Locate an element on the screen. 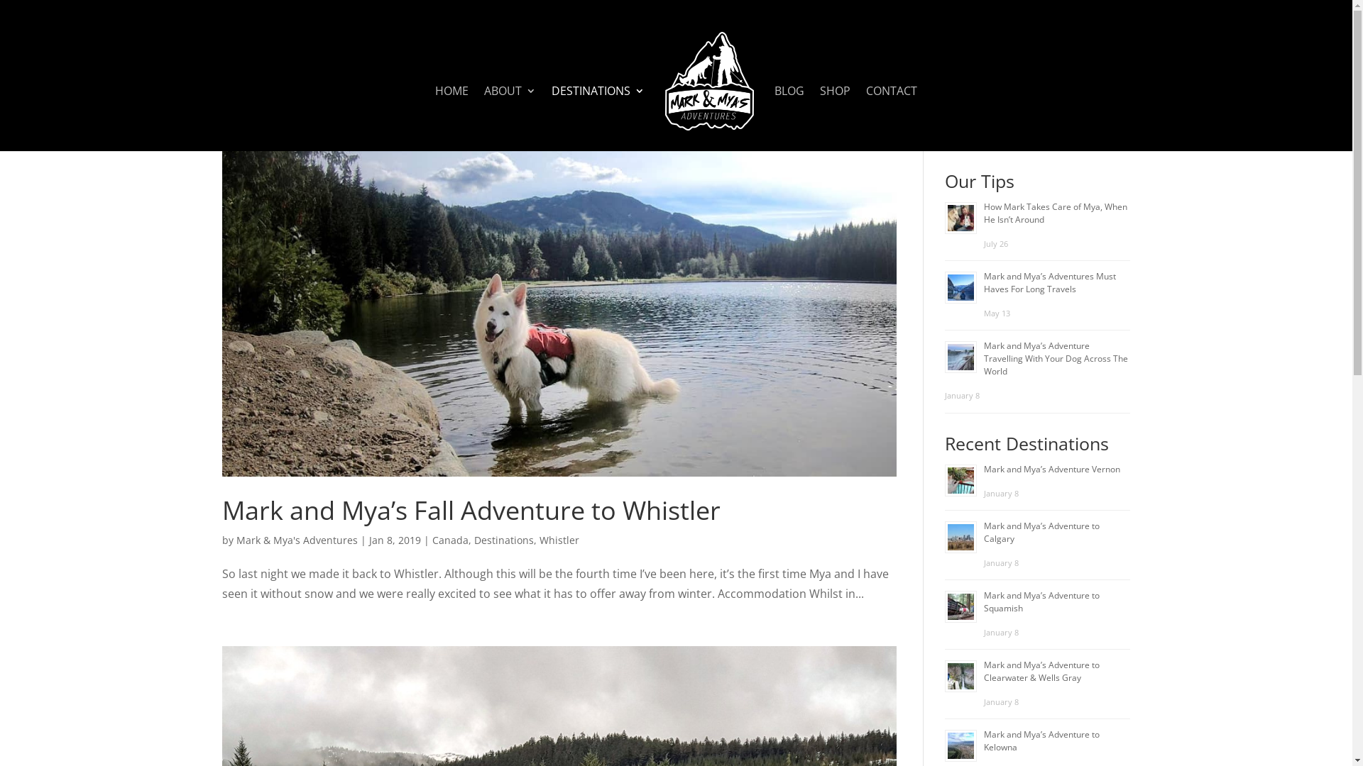 The width and height of the screenshot is (1363, 766). 'HOME' is located at coordinates (451, 117).